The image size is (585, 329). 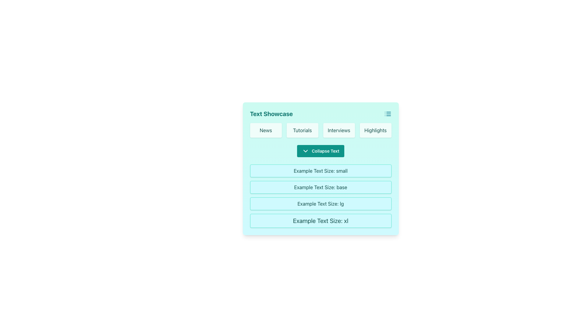 What do you see at coordinates (320, 187) in the screenshot?
I see `the button with the text 'Example Text Size: base', which is the second button under the 'Text Showcase' heading` at bounding box center [320, 187].